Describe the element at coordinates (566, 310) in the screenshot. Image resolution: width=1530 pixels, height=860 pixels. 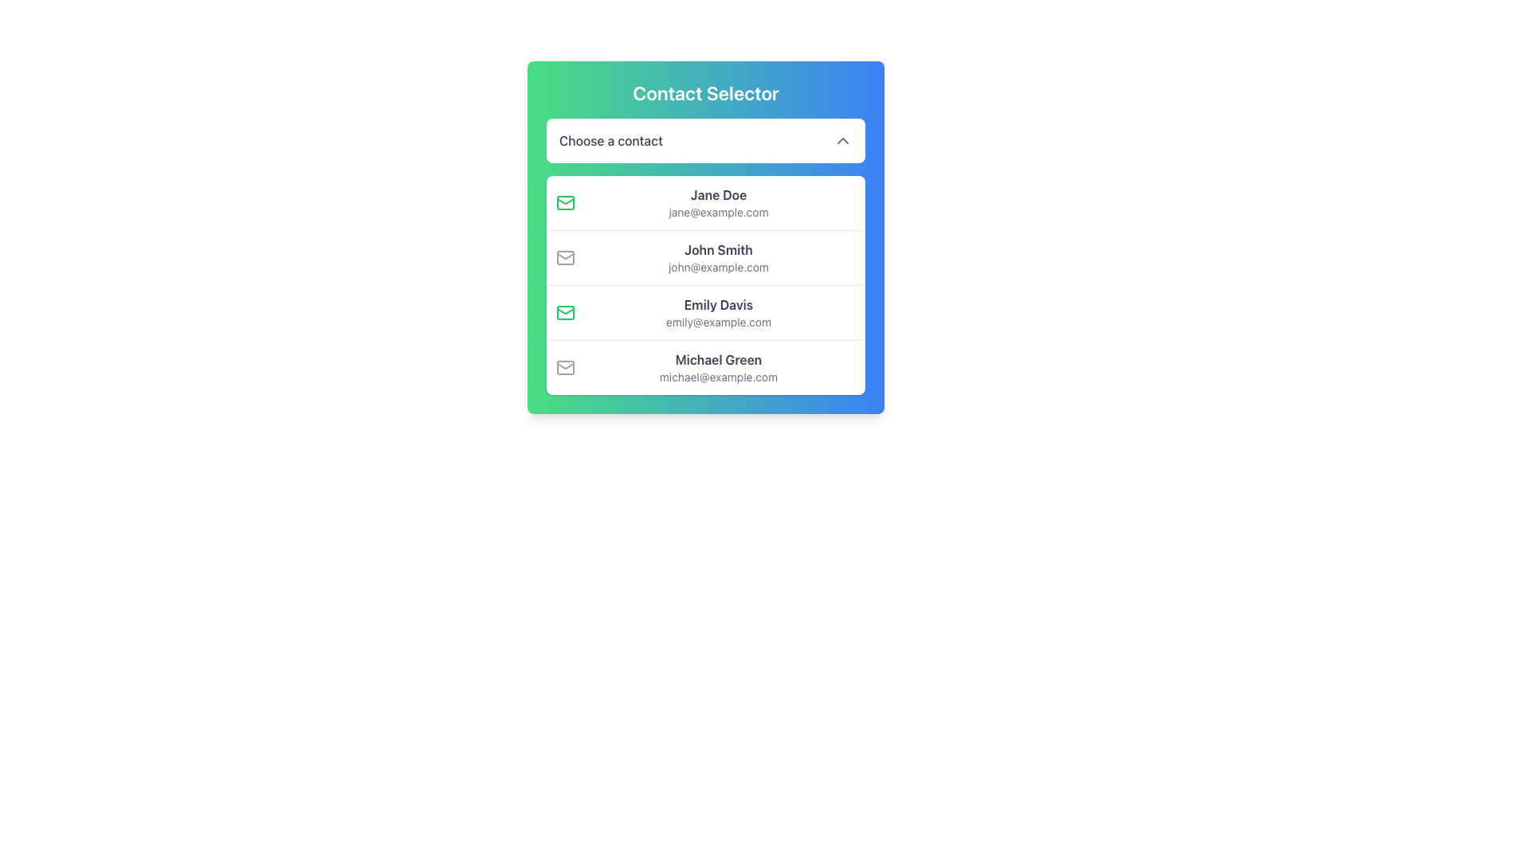
I see `the graphical decoration component resembling a triangular pattern with a green outline, which is part of the envelope icon adjacent to the contact details for 'Jane Doe'` at that location.